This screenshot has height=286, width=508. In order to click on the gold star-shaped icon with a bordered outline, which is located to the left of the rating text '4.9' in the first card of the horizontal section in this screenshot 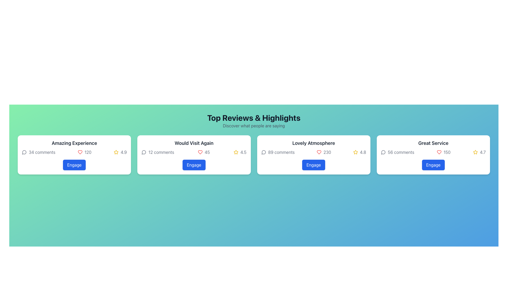, I will do `click(116, 152)`.